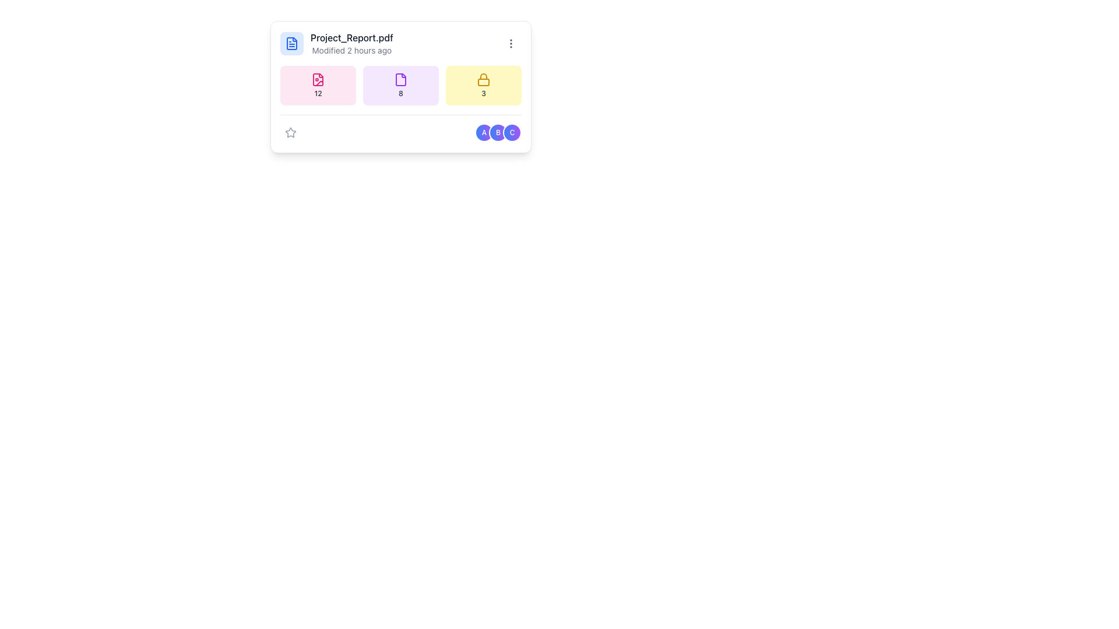  What do you see at coordinates (511, 22) in the screenshot?
I see `the Tooltip that provides additional information for the menu button with three vertical dots, located directly above the button` at bounding box center [511, 22].